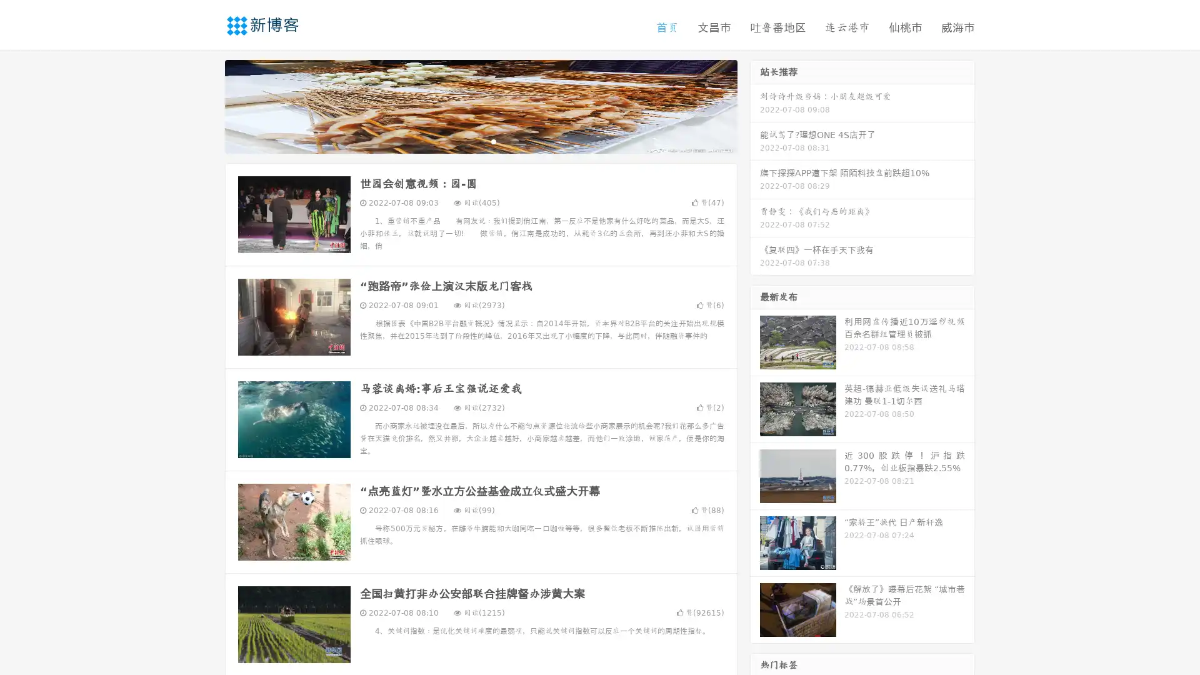  Describe the element at coordinates (467, 141) in the screenshot. I see `Go to slide 1` at that location.